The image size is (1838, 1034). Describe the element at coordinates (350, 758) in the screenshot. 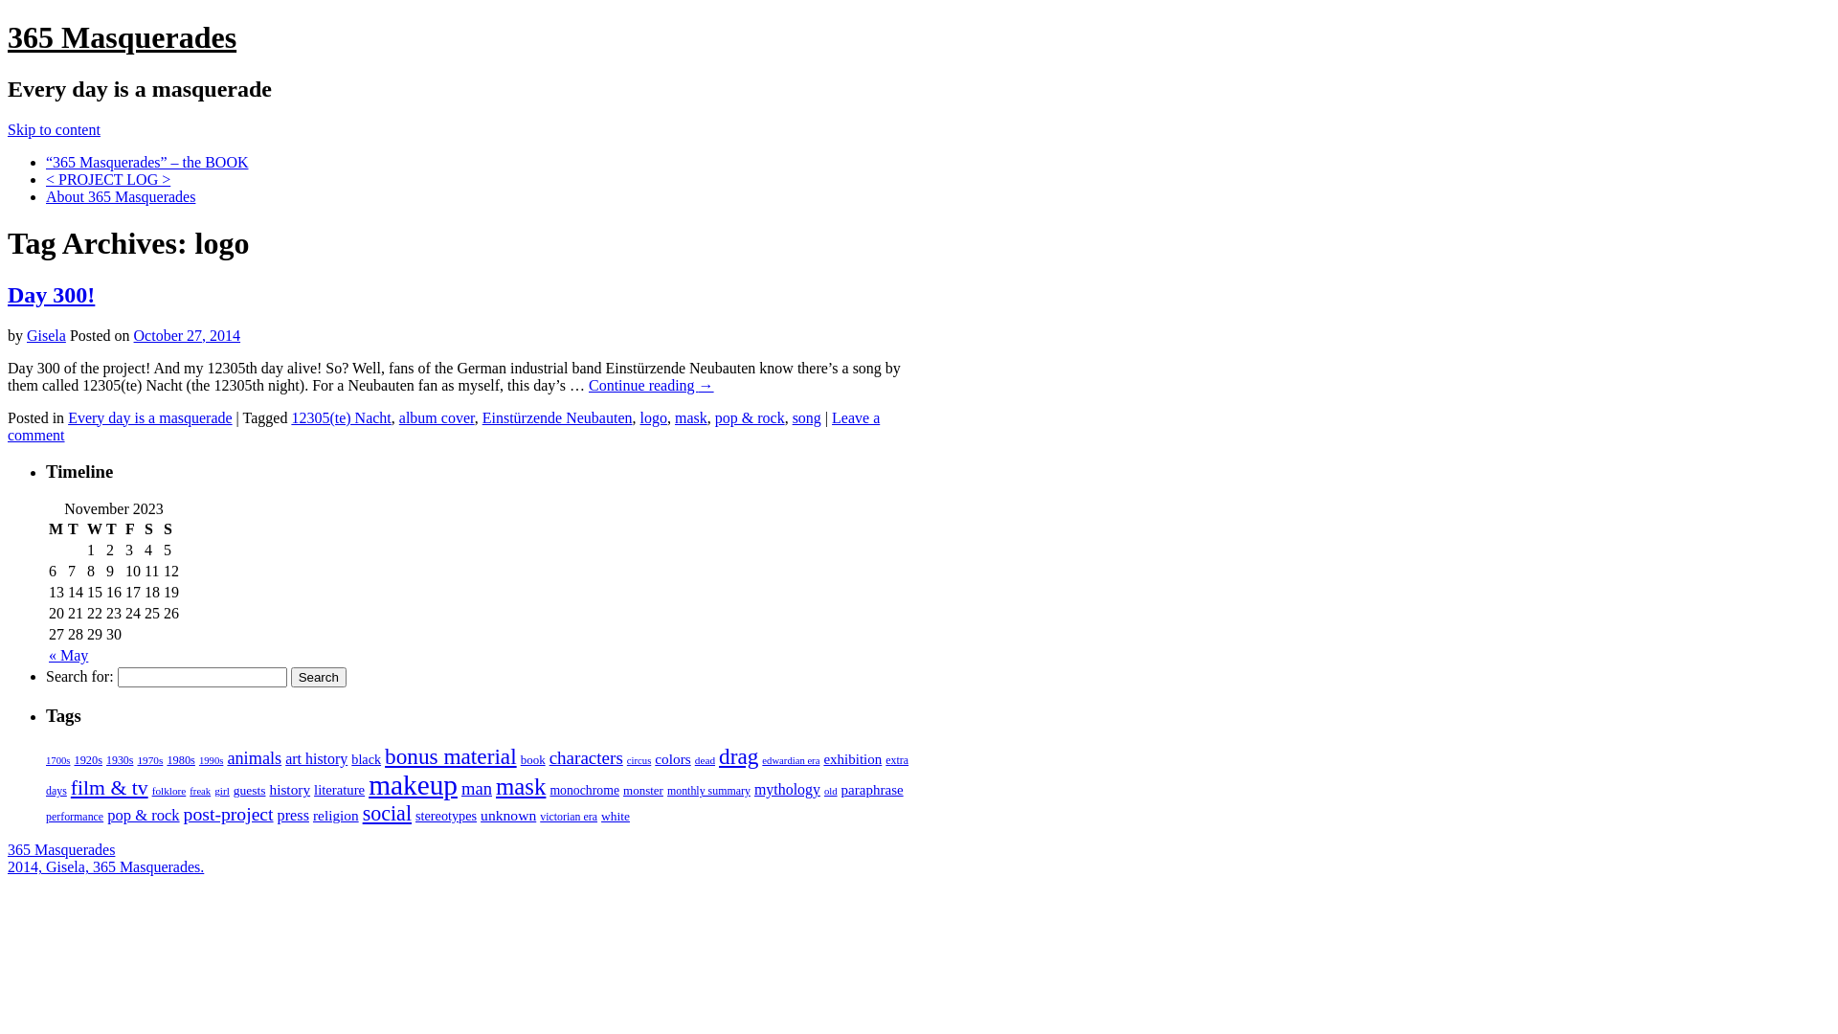

I see `'black'` at that location.